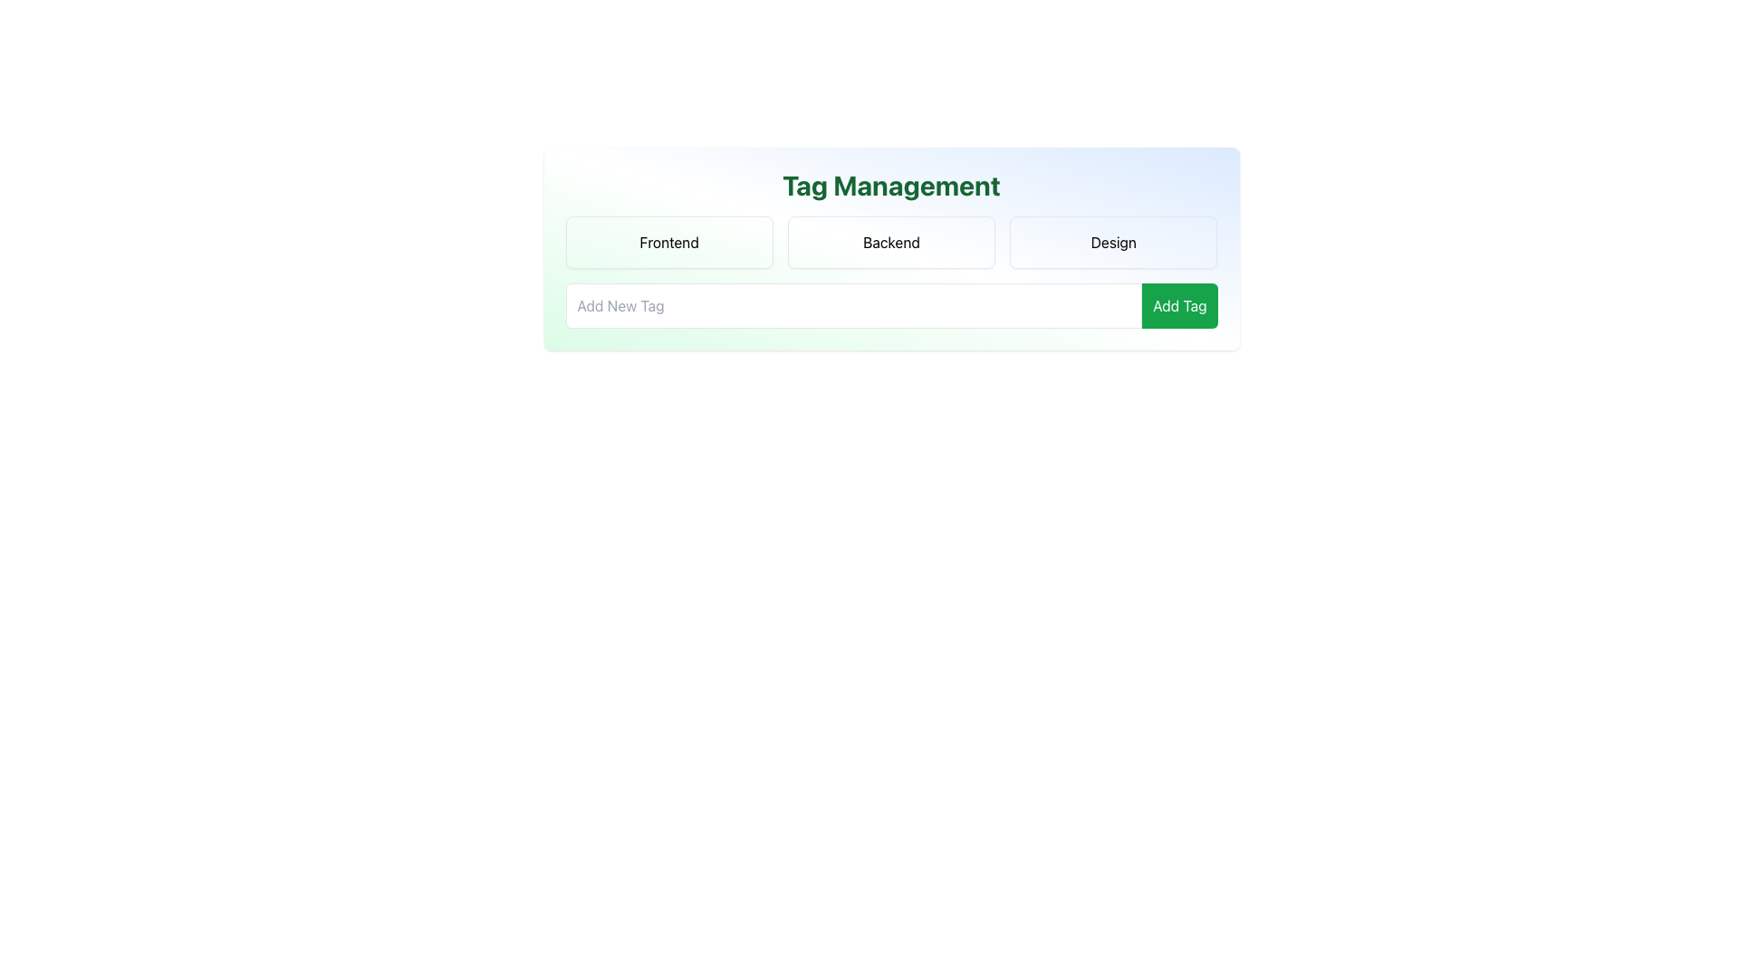 Image resolution: width=1739 pixels, height=978 pixels. Describe the element at coordinates (668, 241) in the screenshot. I see `the 'Frontend' card, which is the first card in a horizontal row of three cards labeled 'Frontend', 'Backend', and 'Design', located below the title 'Tag Management'` at that location.